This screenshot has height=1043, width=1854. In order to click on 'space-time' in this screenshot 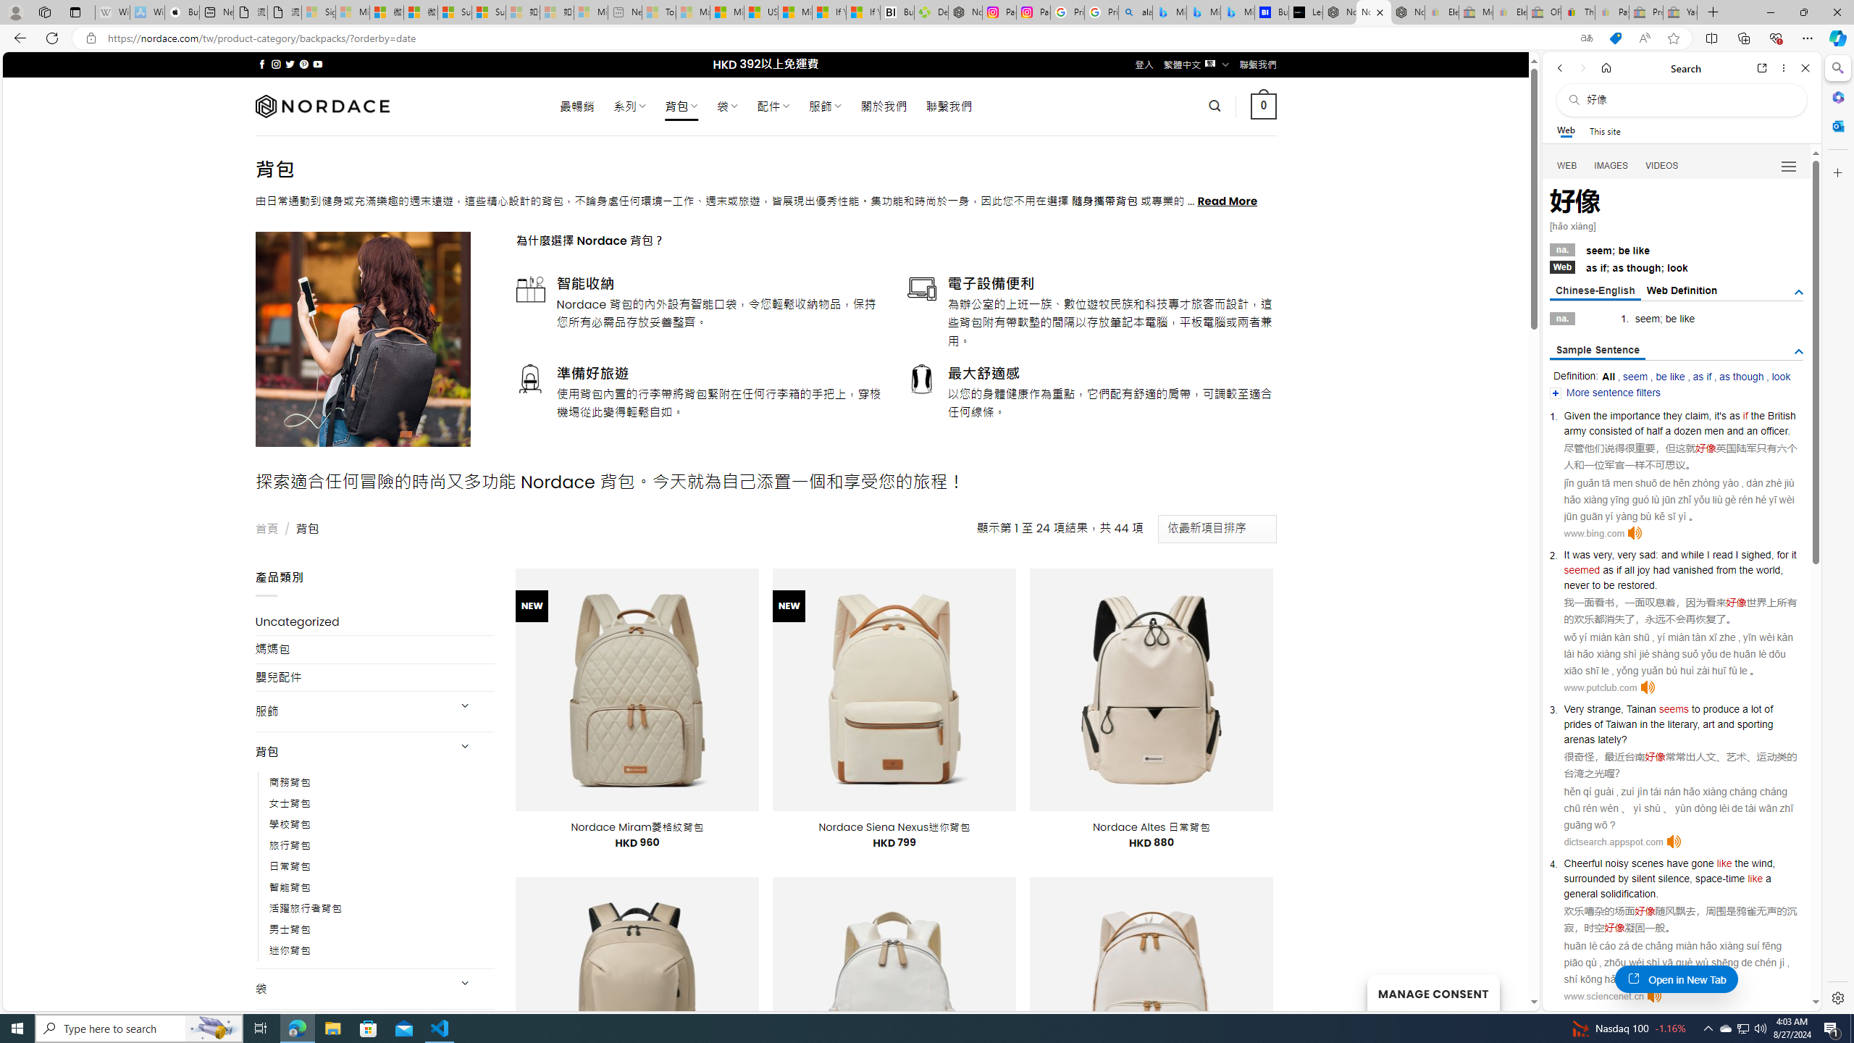, I will do `click(1719, 879)`.